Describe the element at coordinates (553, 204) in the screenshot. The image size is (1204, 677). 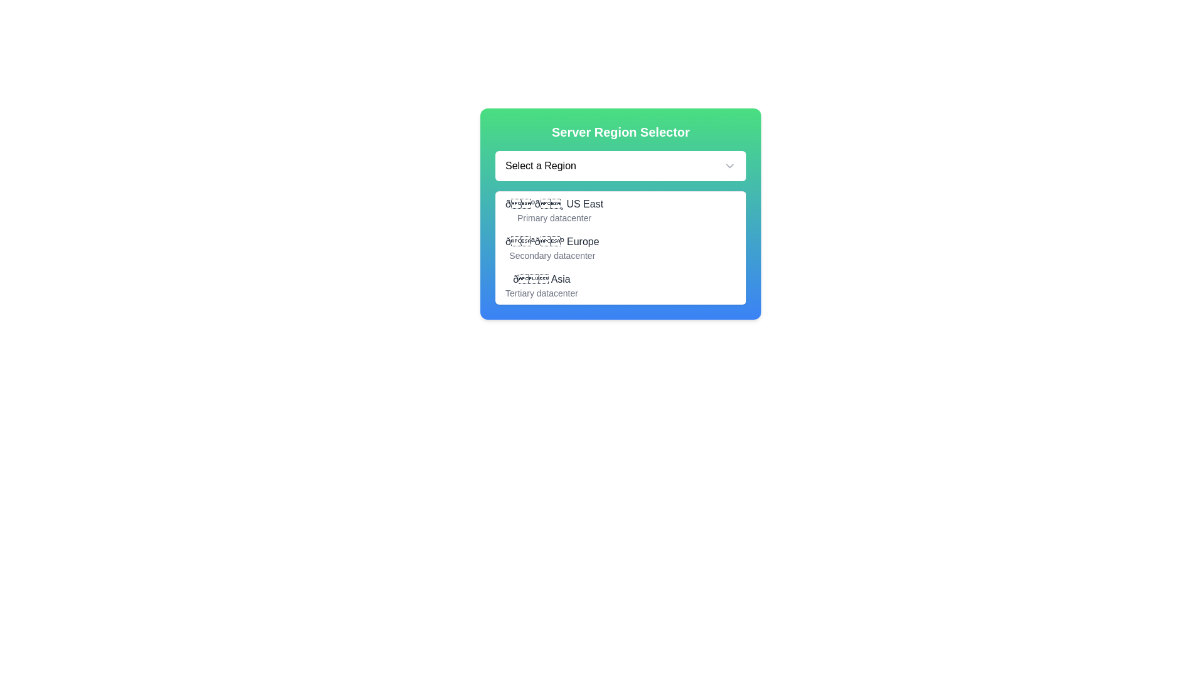
I see `the first selectable option in the dropdown menu for choosing a server region` at that location.